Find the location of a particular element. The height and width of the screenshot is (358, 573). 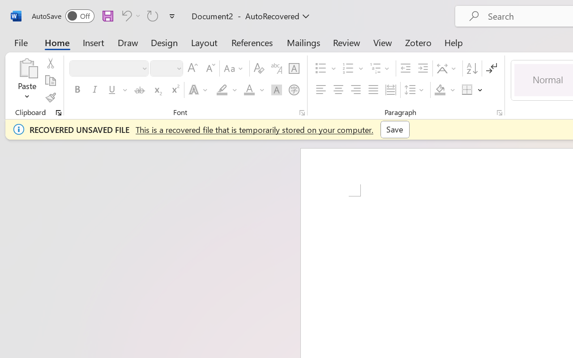

'Character Border' is located at coordinates (294, 68).